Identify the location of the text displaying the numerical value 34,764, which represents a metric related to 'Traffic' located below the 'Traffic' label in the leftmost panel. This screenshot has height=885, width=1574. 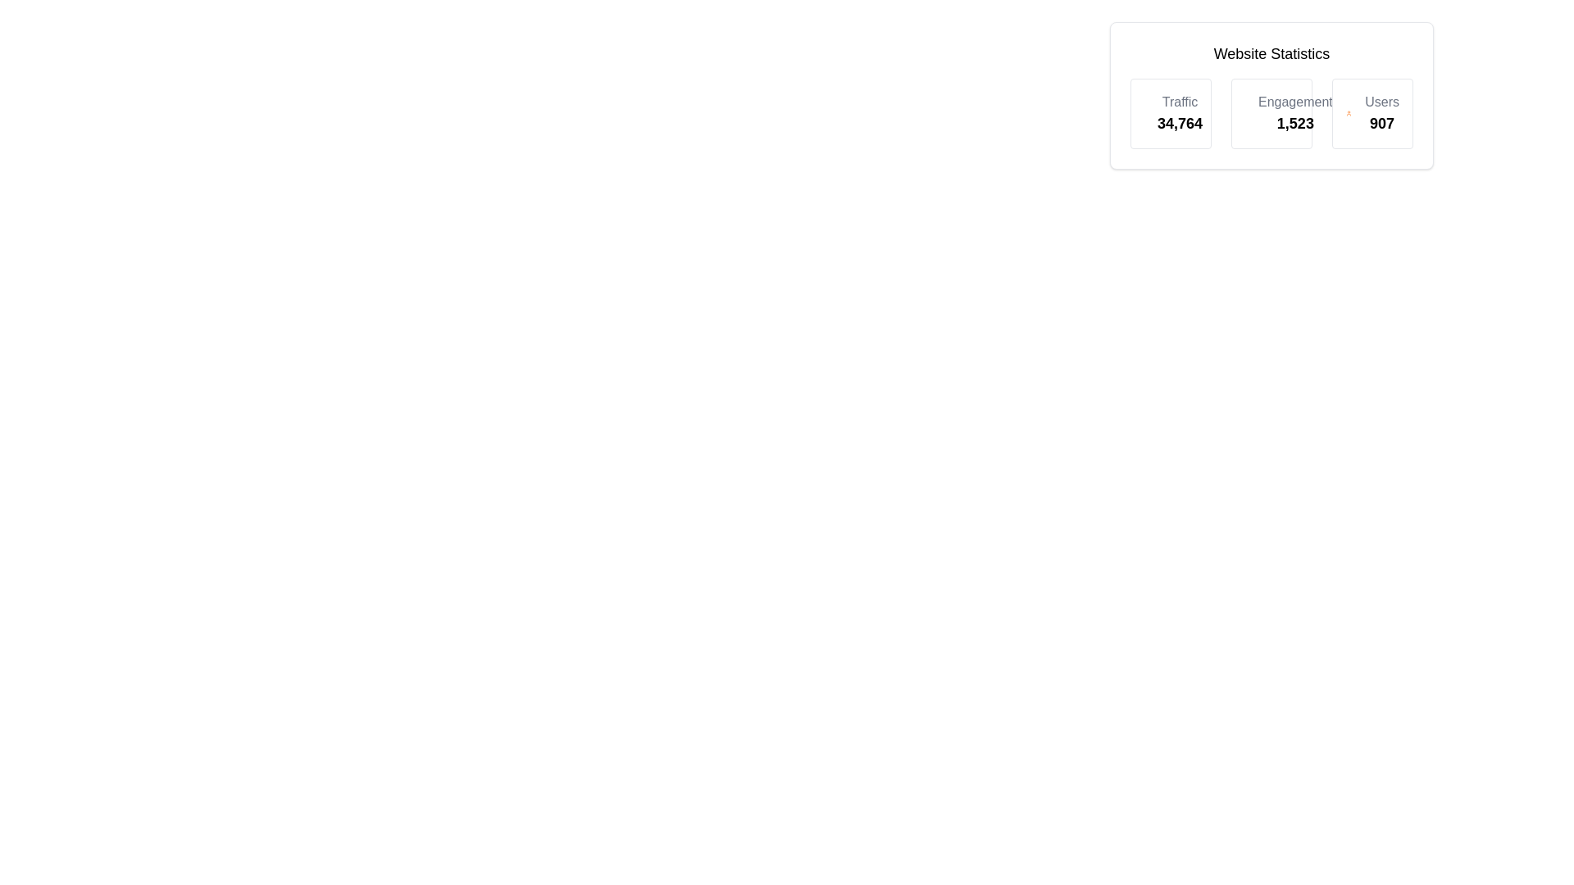
(1179, 122).